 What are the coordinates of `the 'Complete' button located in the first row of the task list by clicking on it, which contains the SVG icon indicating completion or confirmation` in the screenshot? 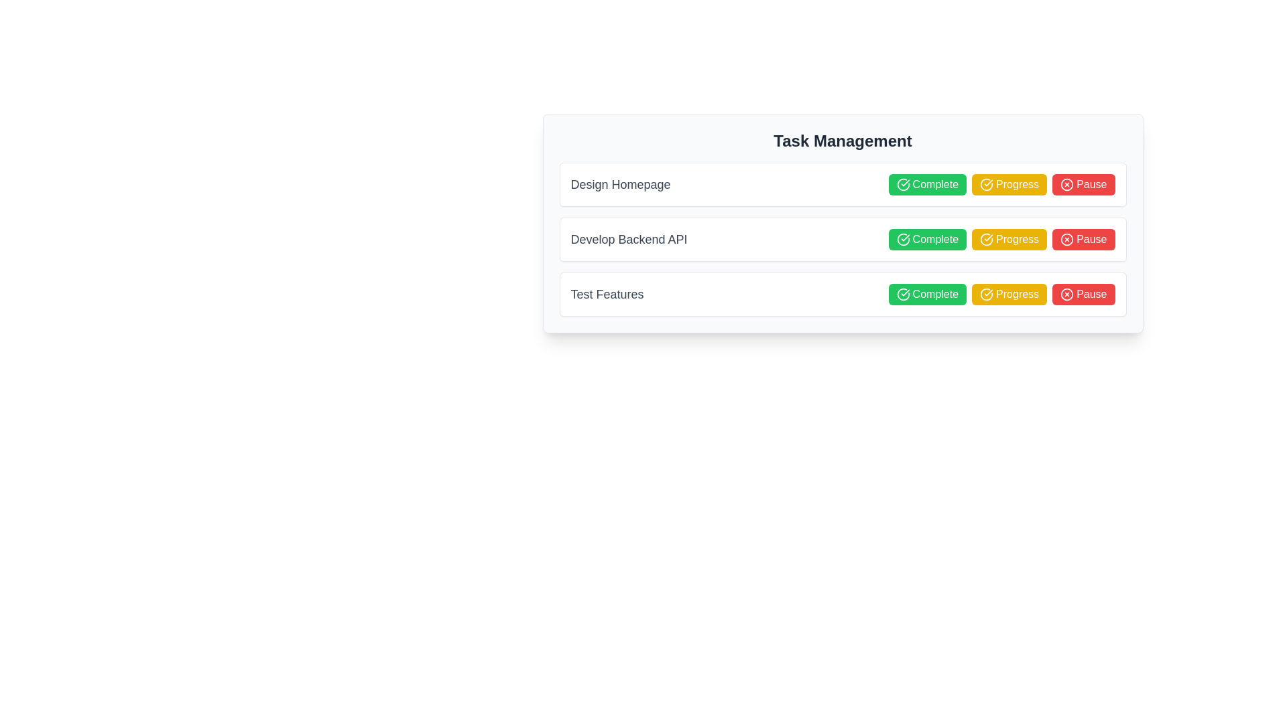 It's located at (903, 185).